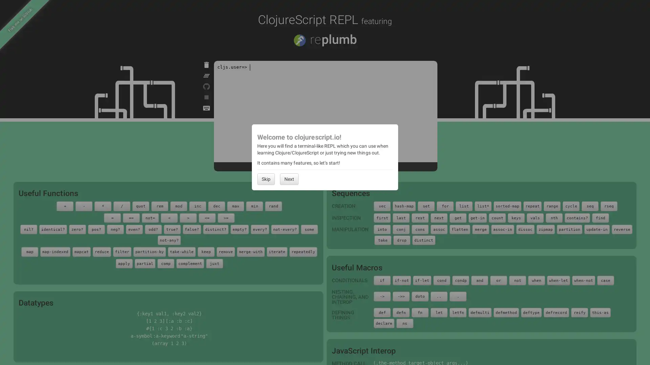  Describe the element at coordinates (402, 240) in the screenshot. I see `drop` at that location.